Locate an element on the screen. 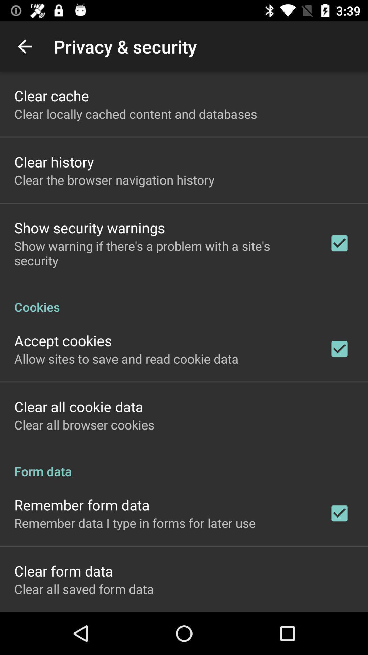  item above the cookies item is located at coordinates (163, 253).